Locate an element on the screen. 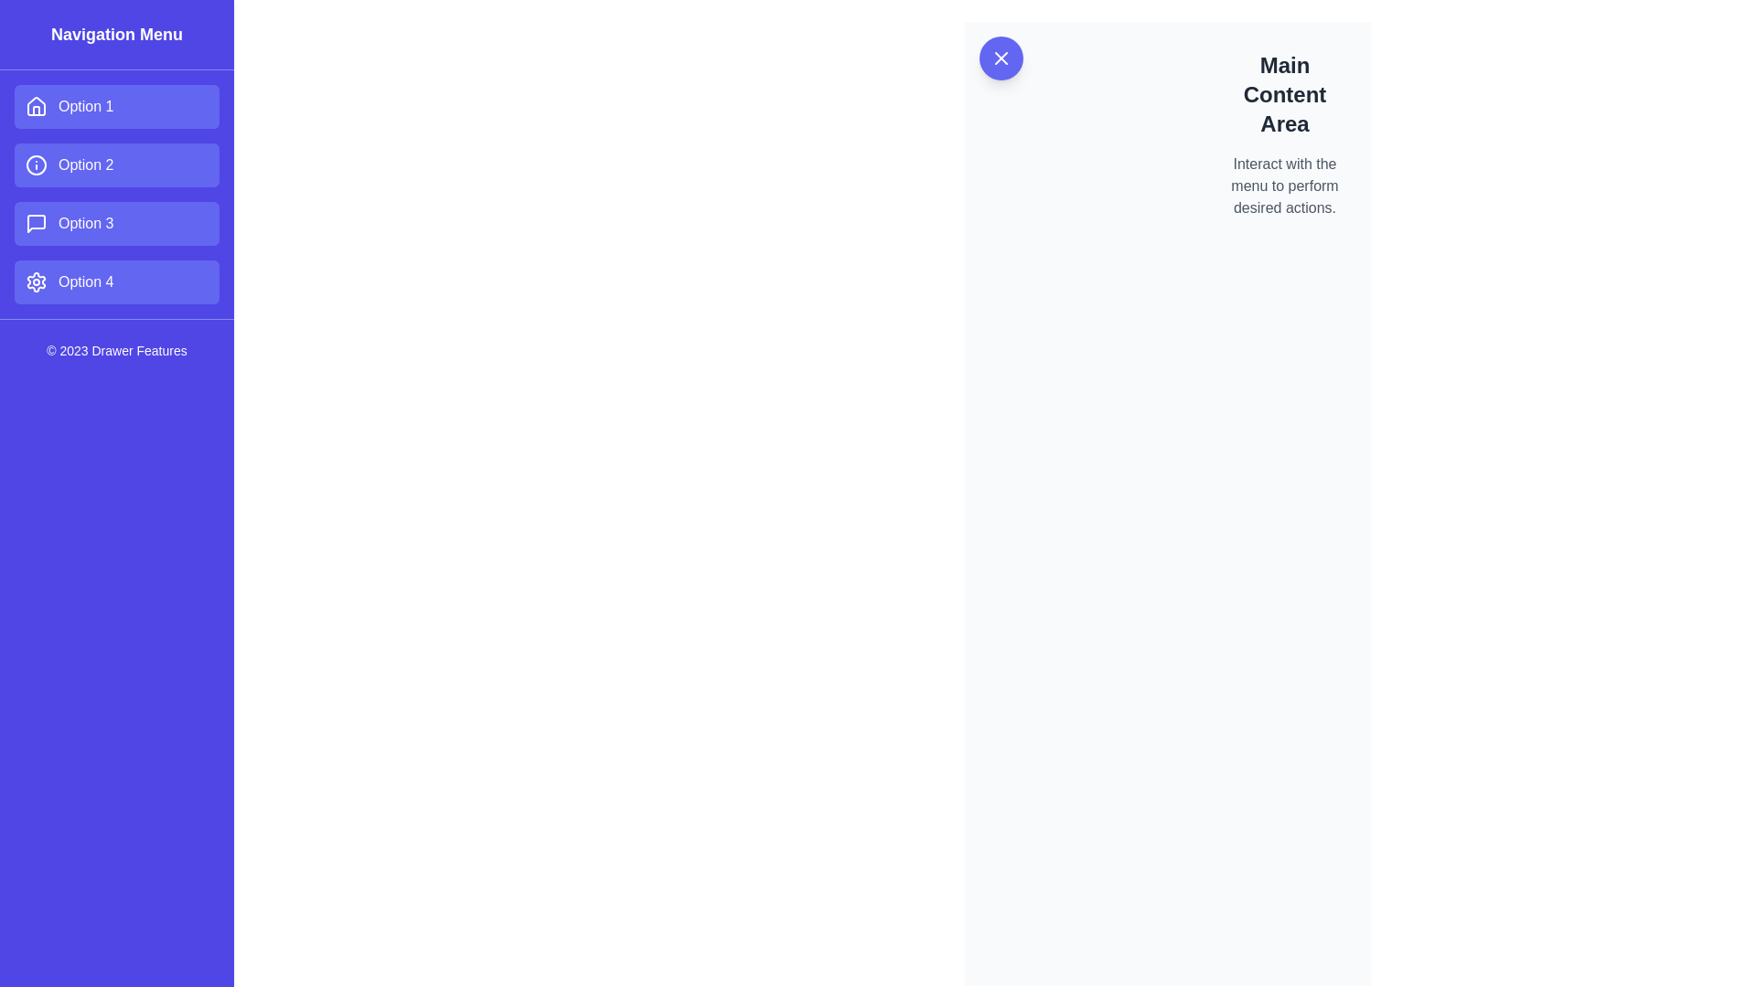 The height and width of the screenshot is (987, 1756). the text label displaying '© 2023 Drawer Features' at the bottom of the vertical navigation panel is located at coordinates (116, 351).